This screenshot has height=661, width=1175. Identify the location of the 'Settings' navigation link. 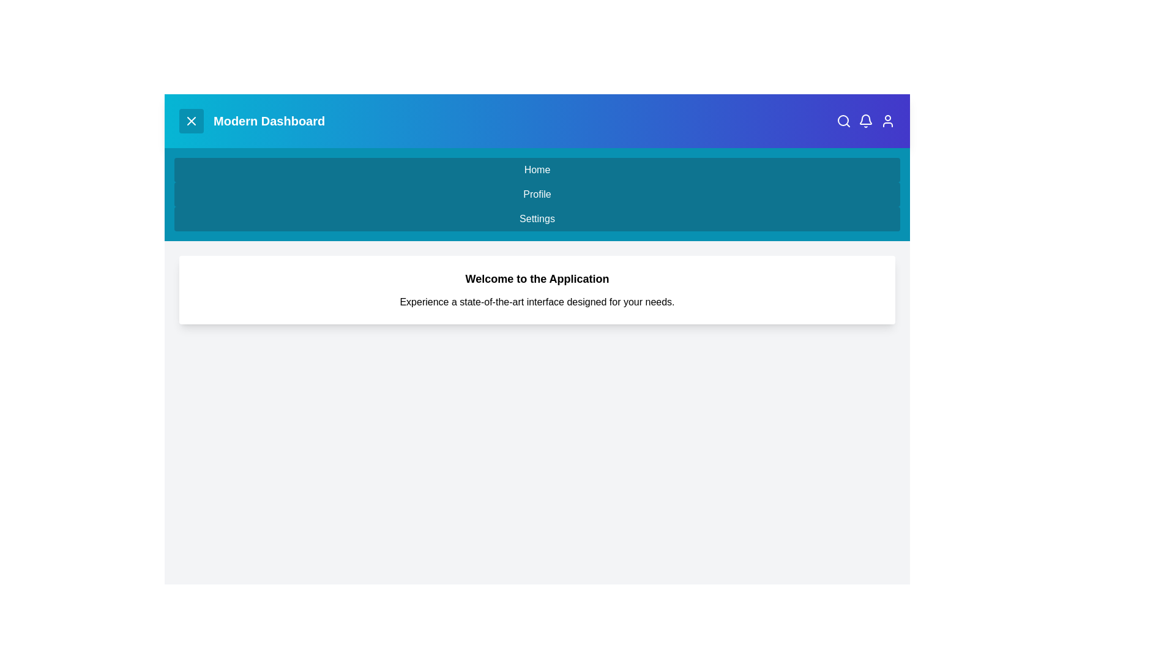
(537, 218).